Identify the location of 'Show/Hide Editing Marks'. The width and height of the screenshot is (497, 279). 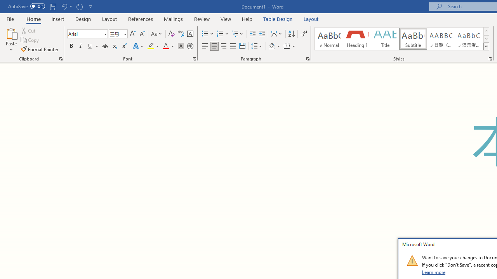
(303, 33).